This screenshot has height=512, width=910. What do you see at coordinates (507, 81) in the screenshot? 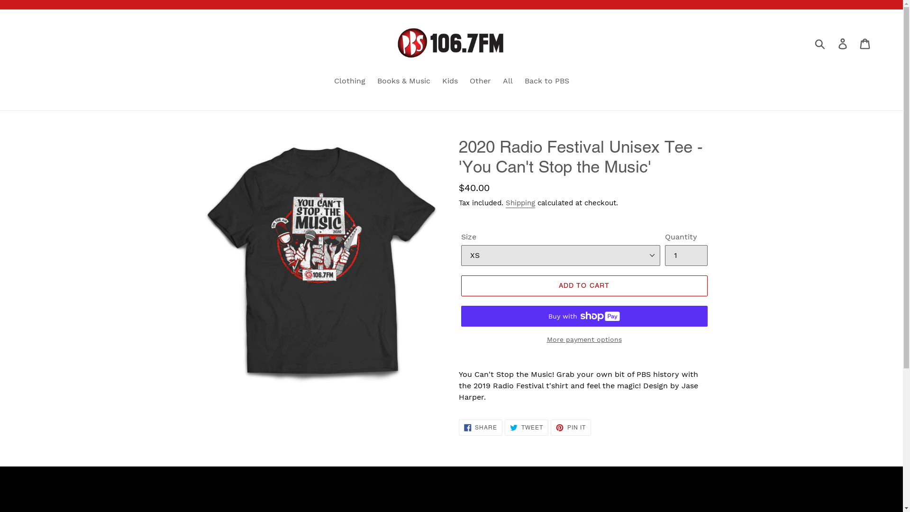
I see `'All'` at bounding box center [507, 81].